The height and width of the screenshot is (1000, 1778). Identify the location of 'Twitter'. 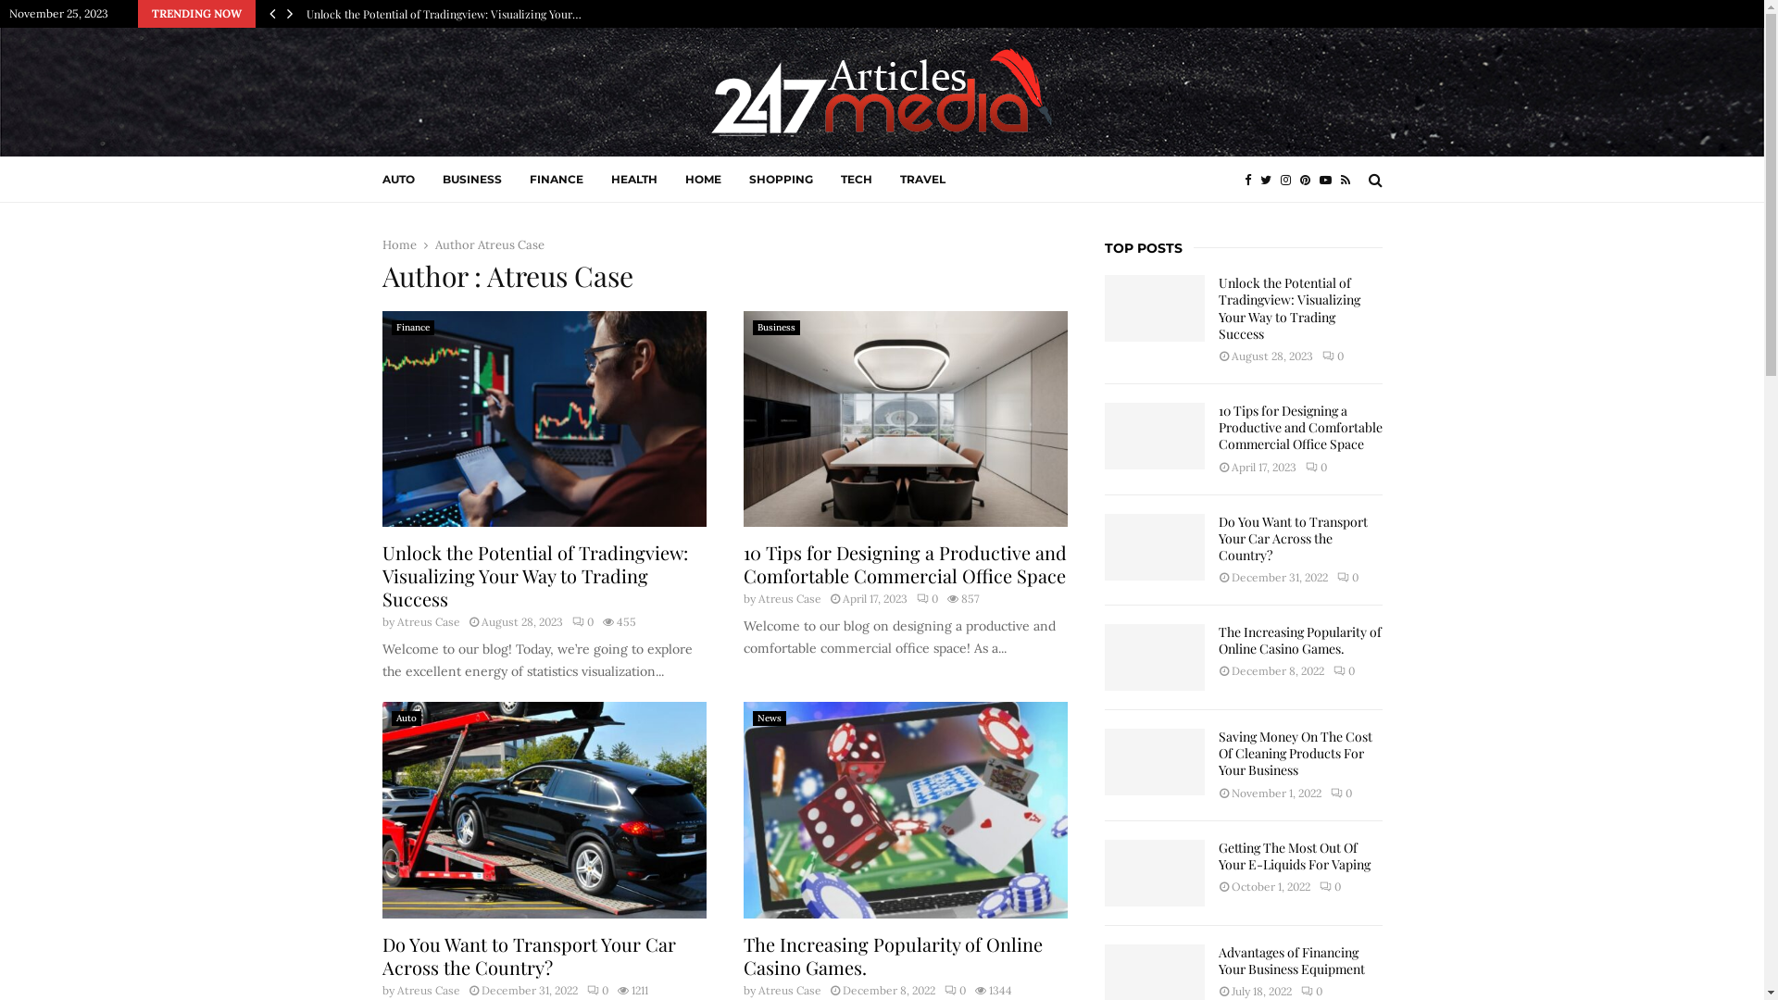
(1269, 180).